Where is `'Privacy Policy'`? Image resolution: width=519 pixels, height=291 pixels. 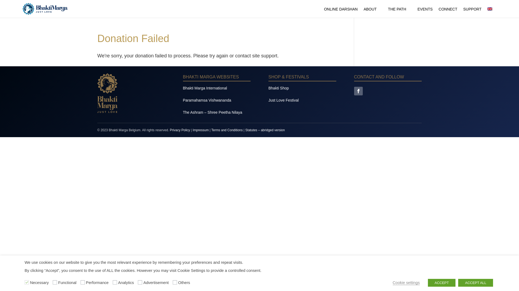 'Privacy Policy' is located at coordinates (180, 130).